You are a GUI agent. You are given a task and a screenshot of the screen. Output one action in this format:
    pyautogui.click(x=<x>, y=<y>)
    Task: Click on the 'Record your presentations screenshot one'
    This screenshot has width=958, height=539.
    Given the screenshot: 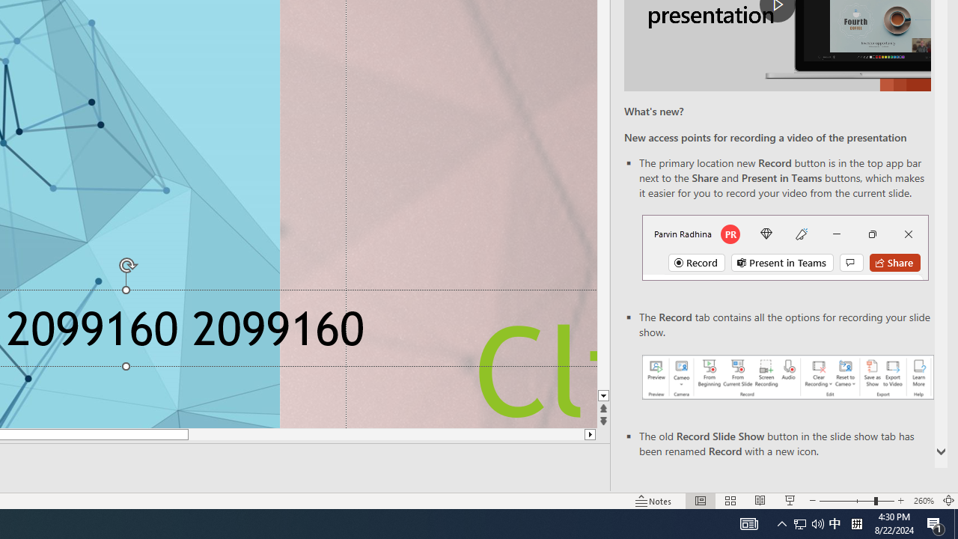 What is the action you would take?
    pyautogui.click(x=787, y=376)
    